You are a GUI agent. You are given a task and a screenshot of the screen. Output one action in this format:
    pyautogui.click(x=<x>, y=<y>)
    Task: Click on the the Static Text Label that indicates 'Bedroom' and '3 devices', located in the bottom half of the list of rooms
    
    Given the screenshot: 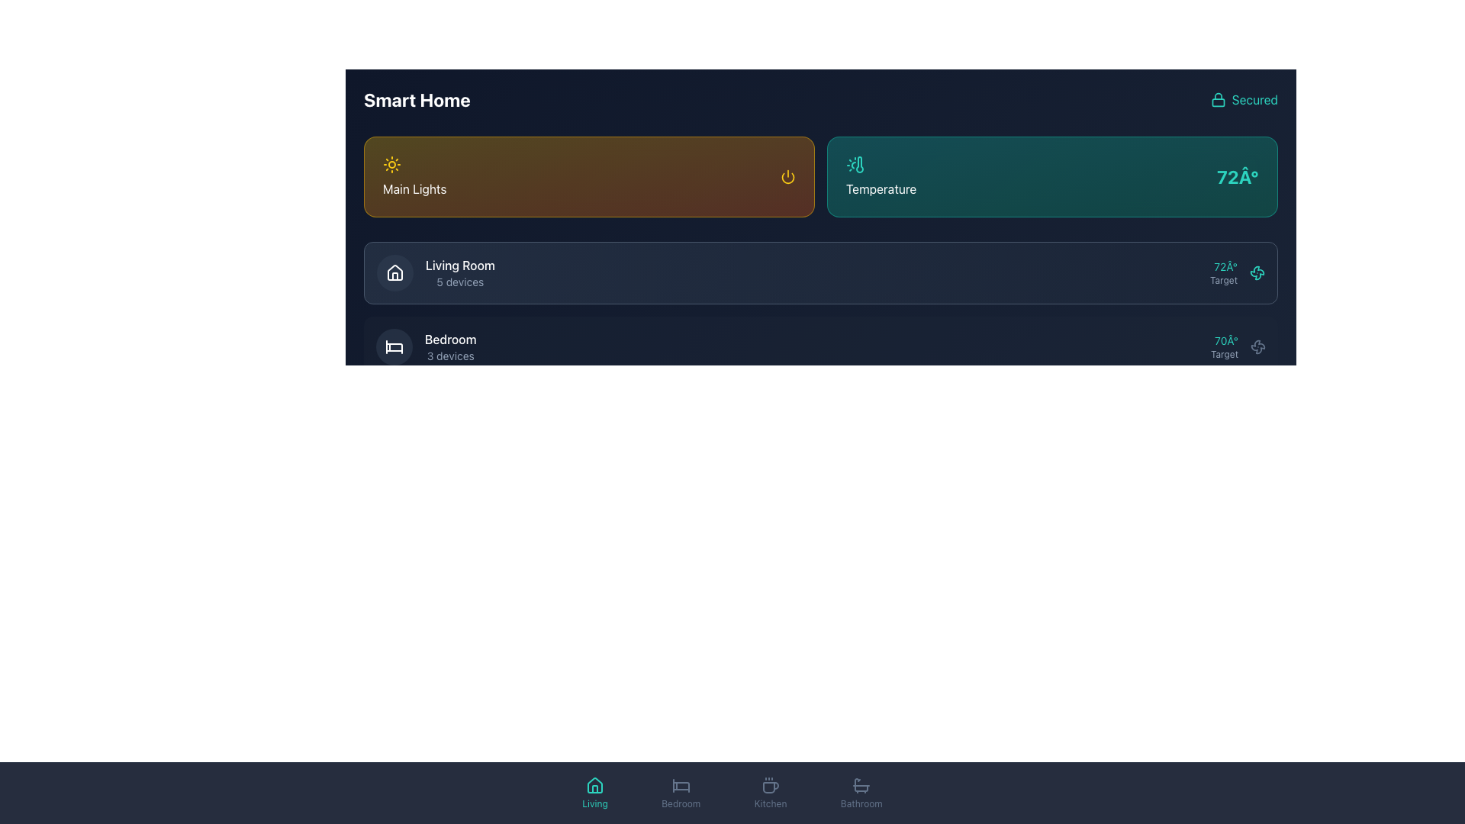 What is the action you would take?
    pyautogui.click(x=449, y=338)
    